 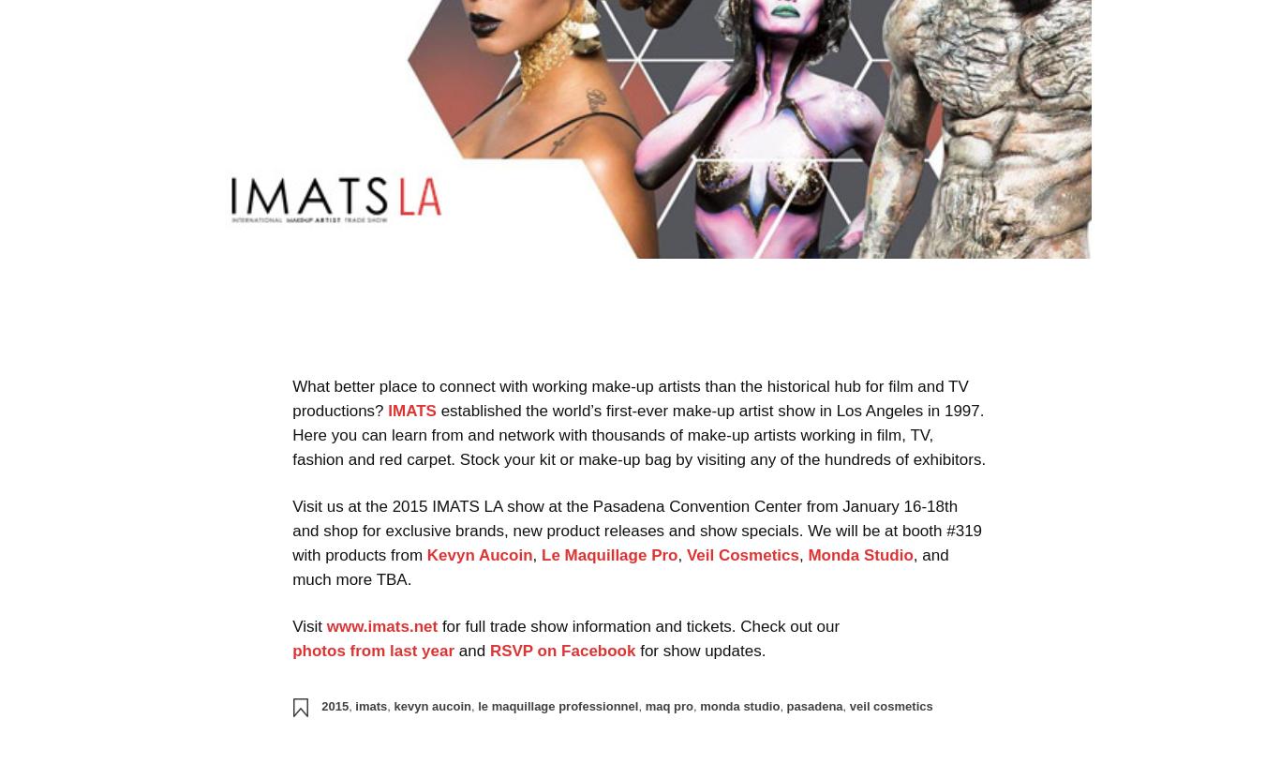 I want to click on 'for full trade show information and tickets. Check out our', so click(x=637, y=625).